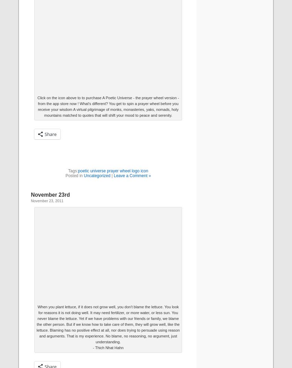 The width and height of the screenshot is (292, 368). Describe the element at coordinates (47, 200) in the screenshot. I see `'November 23, 2011'` at that location.